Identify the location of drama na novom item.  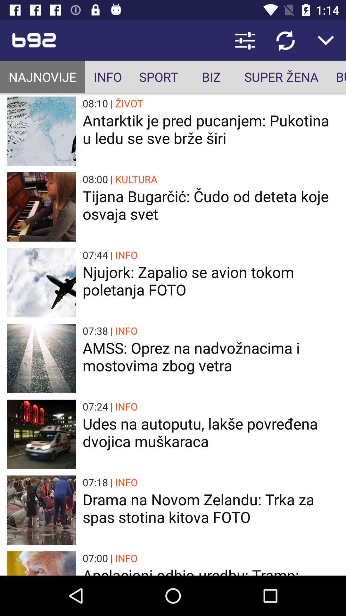
(211, 508).